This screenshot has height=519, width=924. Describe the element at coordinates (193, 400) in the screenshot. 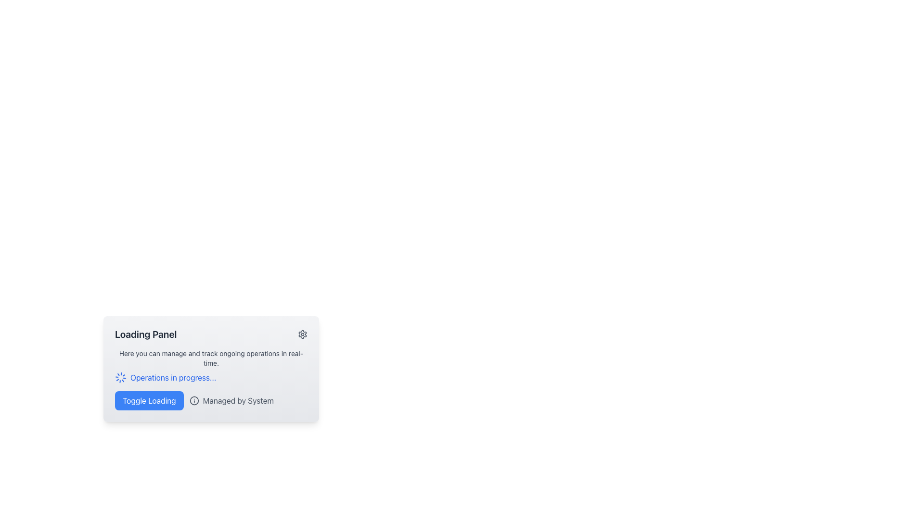

I see `the information icon located to the left of the text 'Managed by System'` at that location.